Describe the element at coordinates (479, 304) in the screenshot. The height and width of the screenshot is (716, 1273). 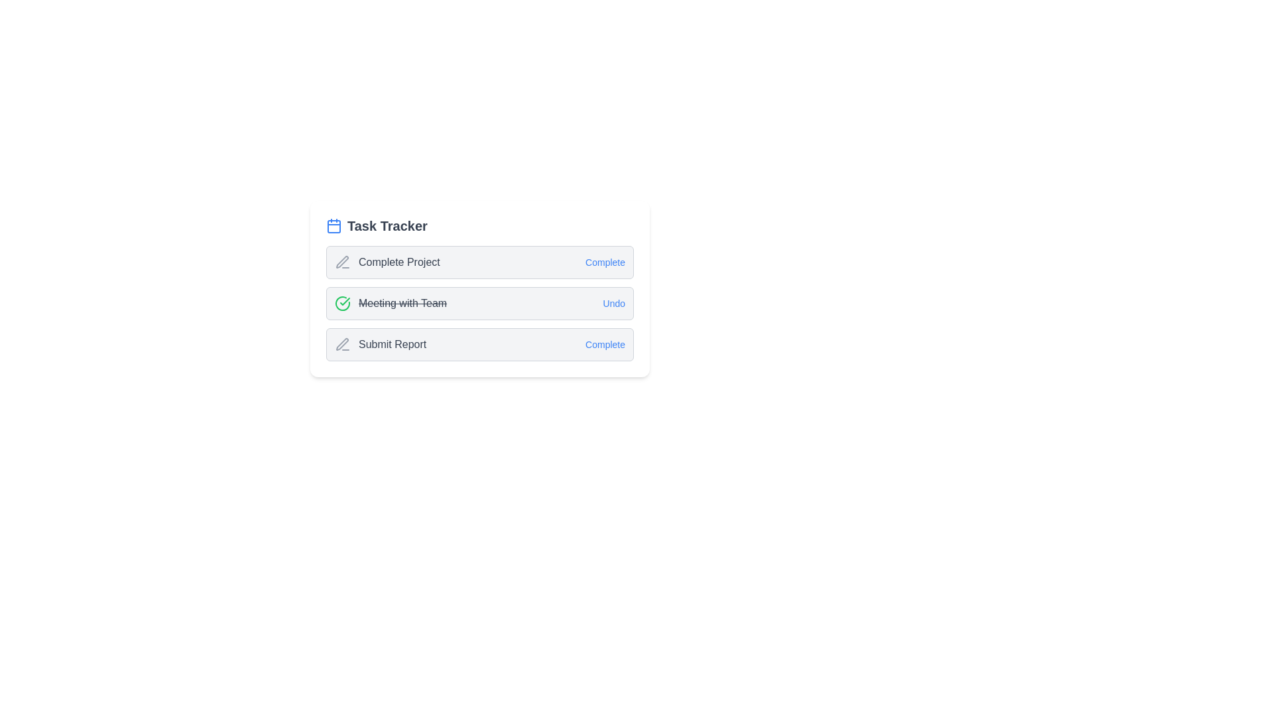
I see `the second task row in the task tracker` at that location.